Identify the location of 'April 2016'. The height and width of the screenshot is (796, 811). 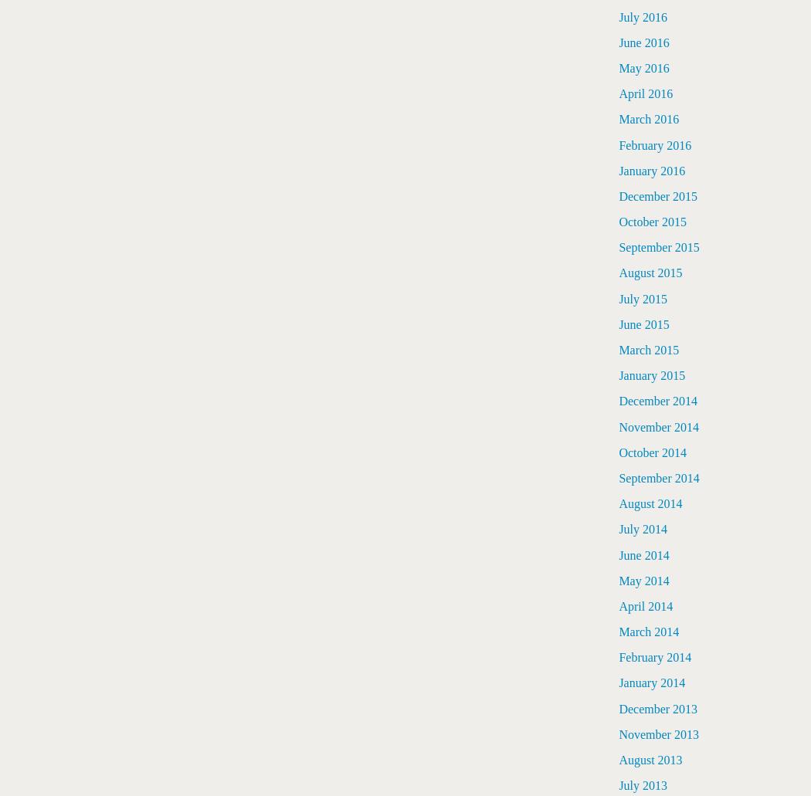
(646, 93).